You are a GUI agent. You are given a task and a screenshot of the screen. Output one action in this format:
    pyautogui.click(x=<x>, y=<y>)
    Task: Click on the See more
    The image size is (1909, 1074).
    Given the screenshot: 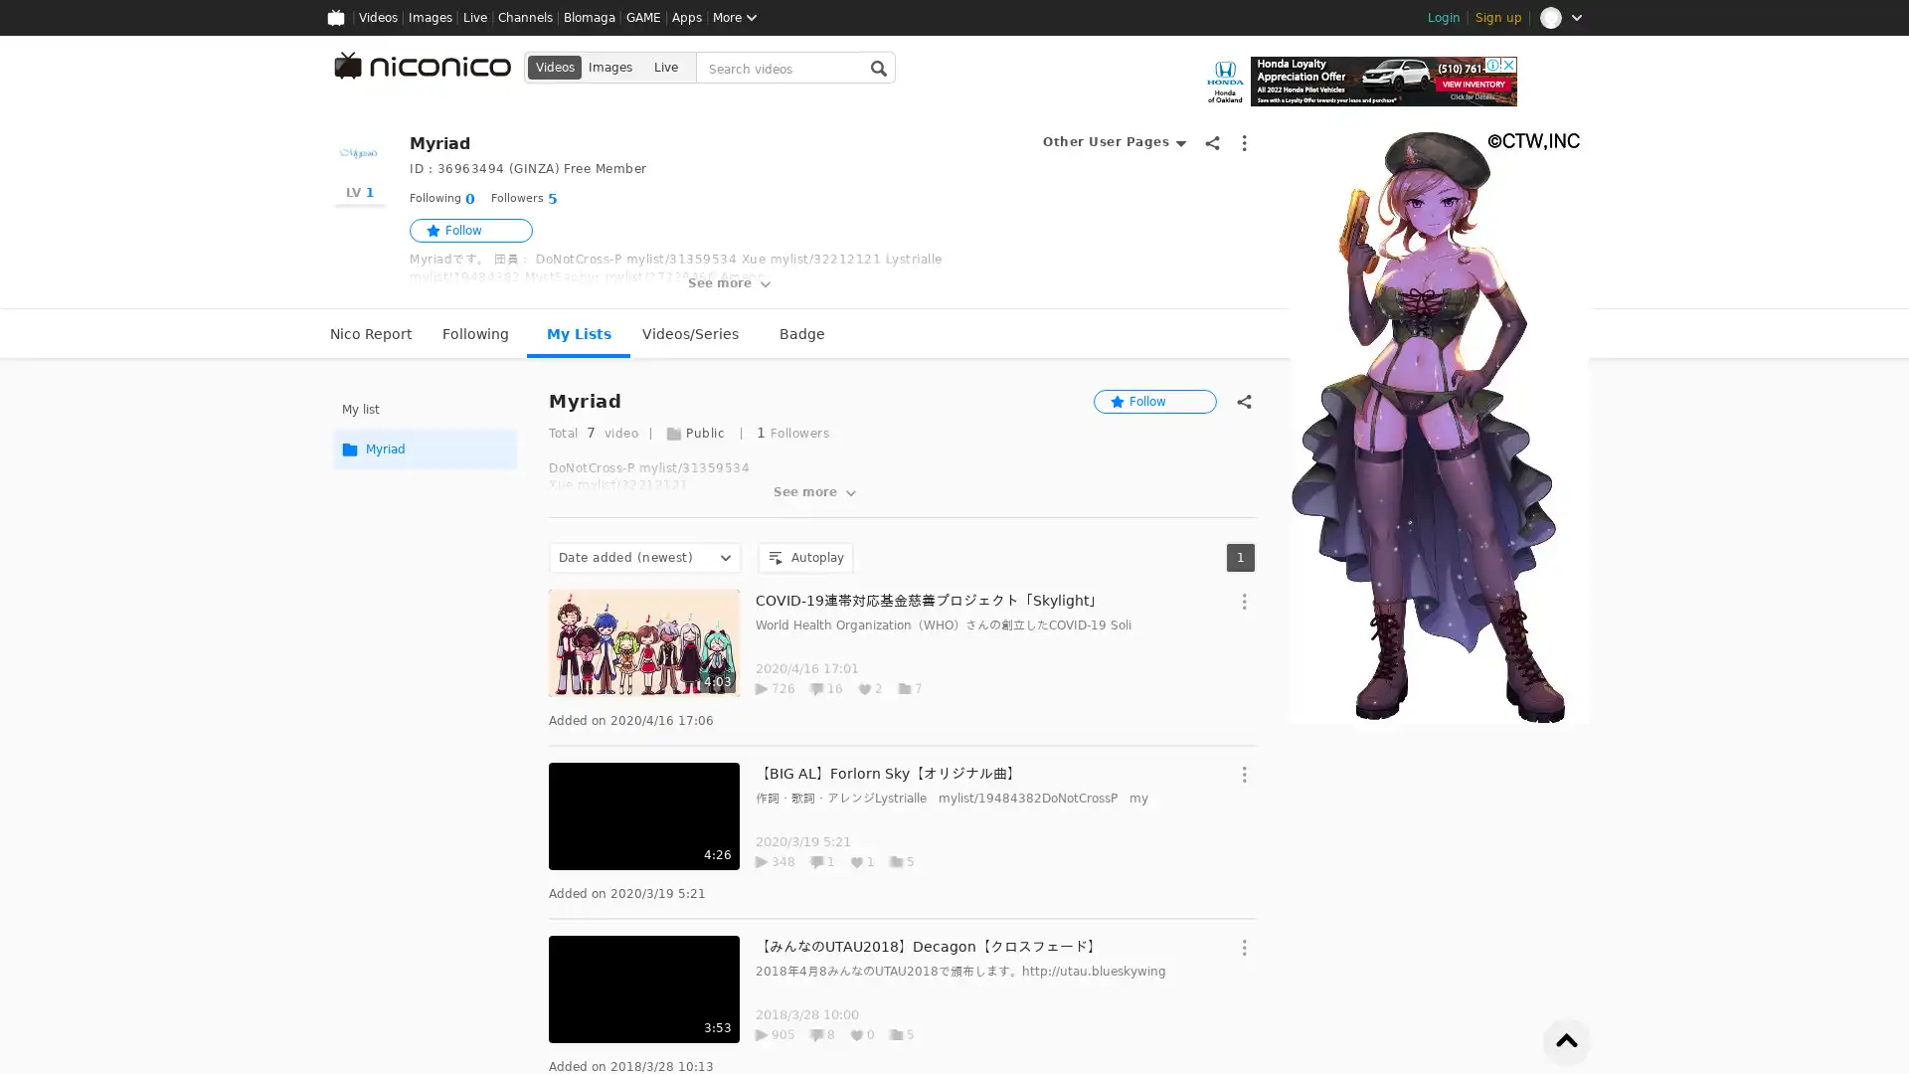 What is the action you would take?
    pyautogui.click(x=816, y=492)
    